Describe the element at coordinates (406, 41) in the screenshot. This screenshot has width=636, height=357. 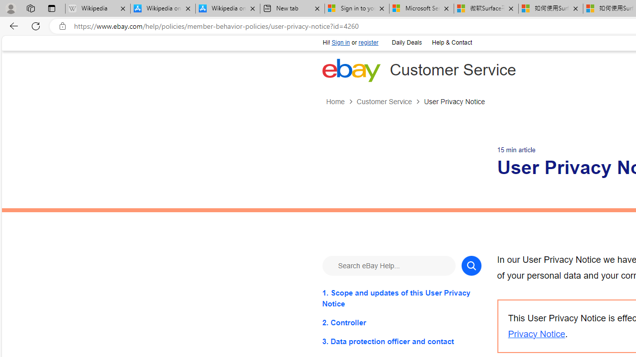
I see `'Daily Deals'` at that location.